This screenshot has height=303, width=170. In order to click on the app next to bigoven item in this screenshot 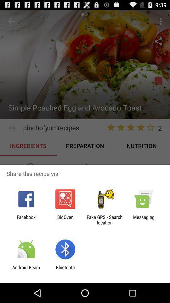, I will do `click(105, 220)`.